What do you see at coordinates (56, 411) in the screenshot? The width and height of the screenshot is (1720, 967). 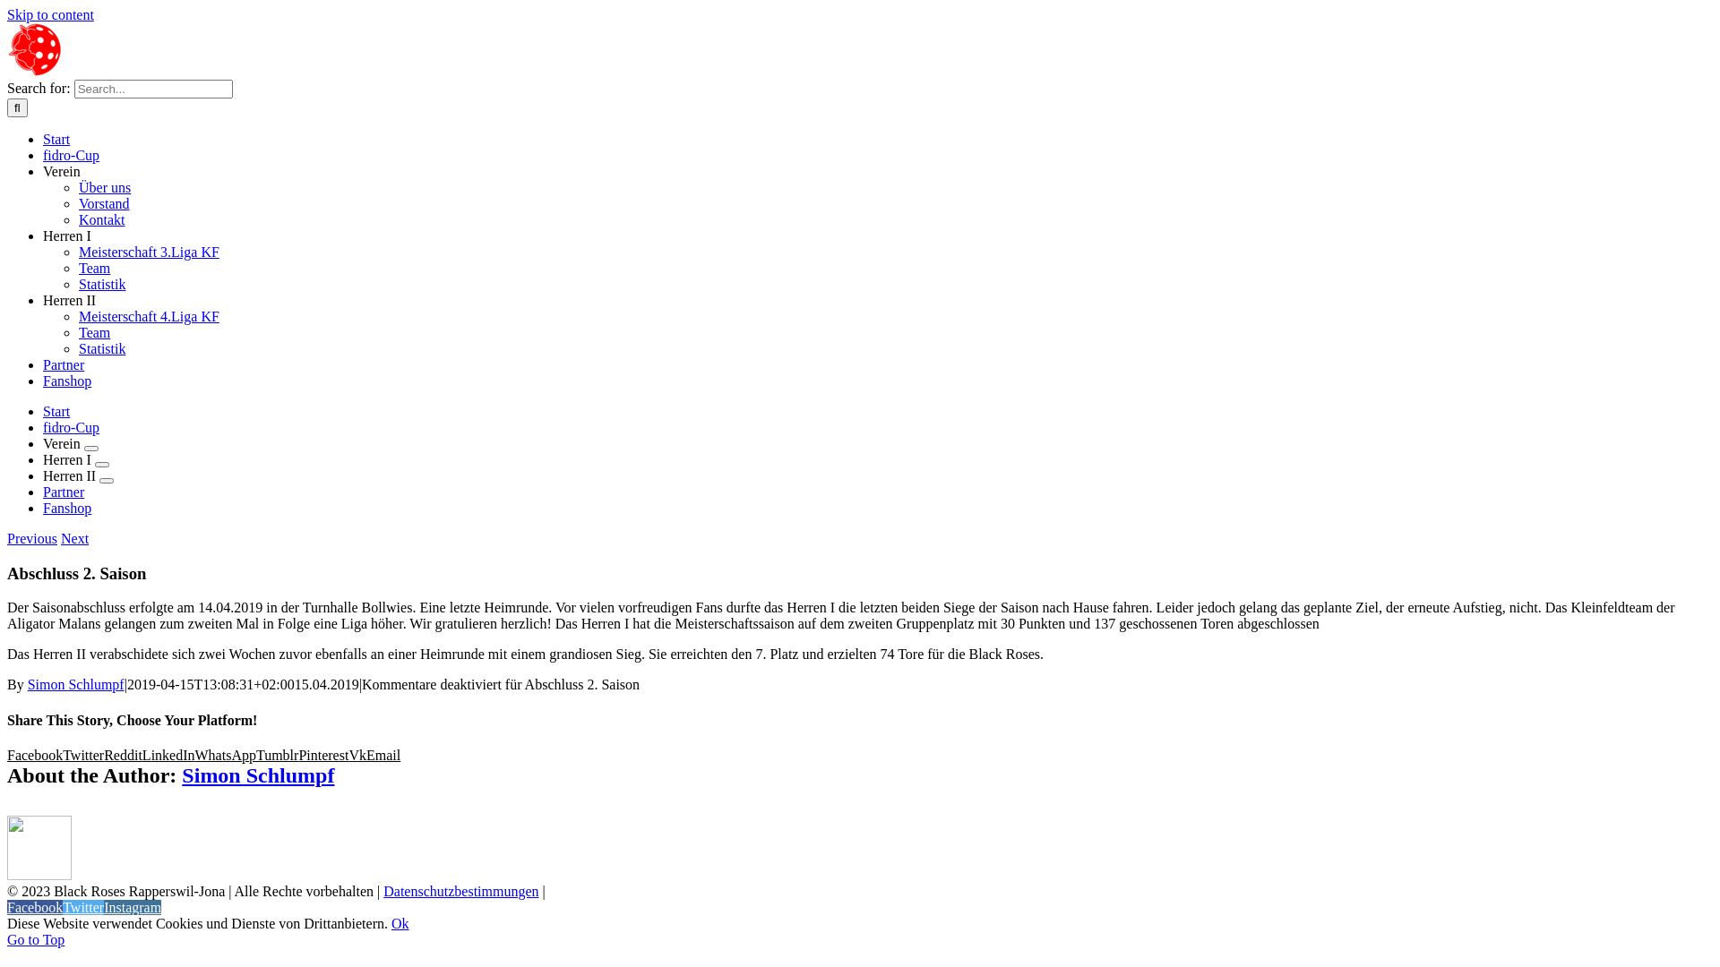 I see `'Start'` at bounding box center [56, 411].